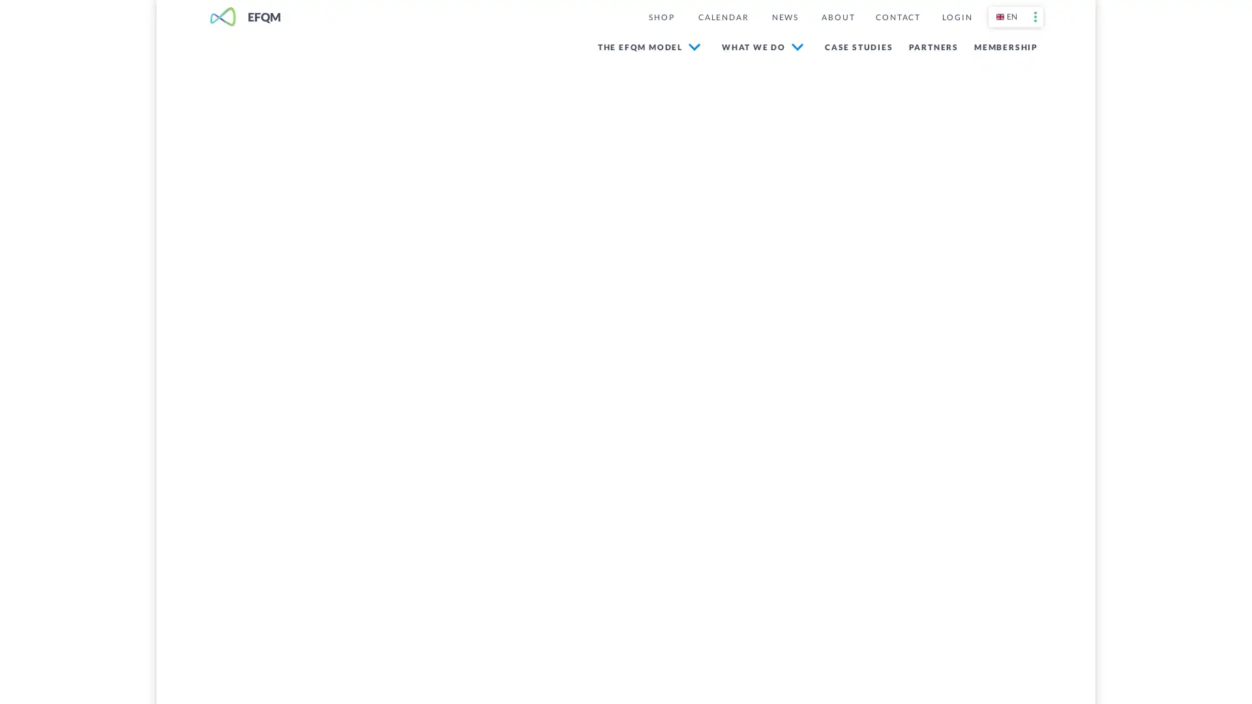 The image size is (1252, 704). I want to click on LOGIN, so click(957, 17).